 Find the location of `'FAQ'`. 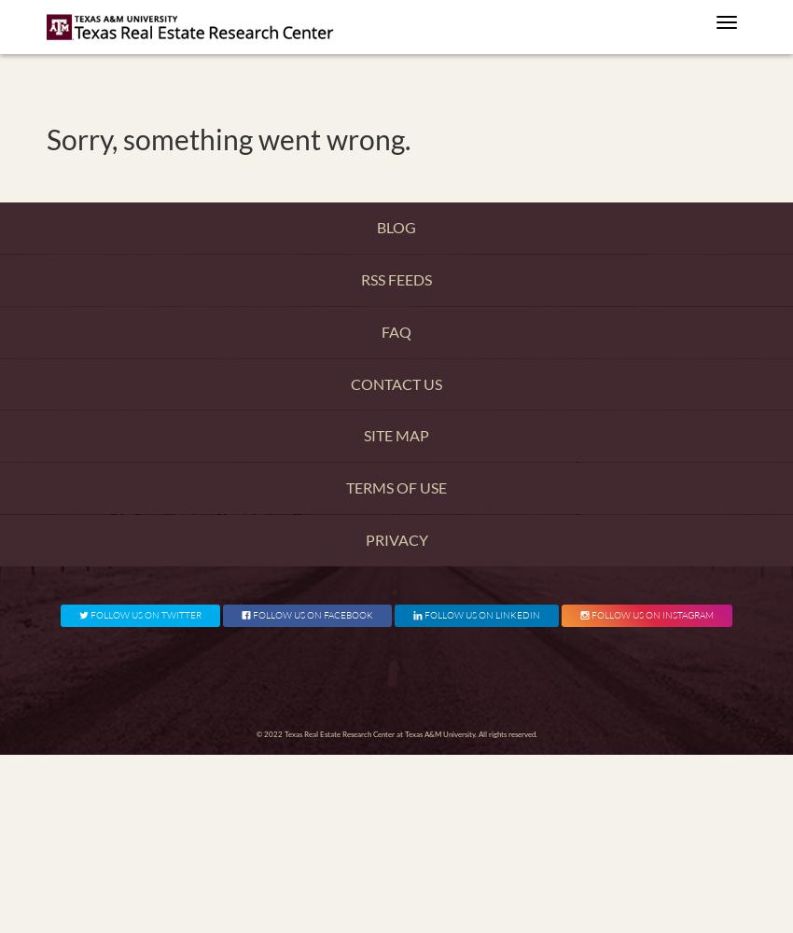

'FAQ' is located at coordinates (382, 329).